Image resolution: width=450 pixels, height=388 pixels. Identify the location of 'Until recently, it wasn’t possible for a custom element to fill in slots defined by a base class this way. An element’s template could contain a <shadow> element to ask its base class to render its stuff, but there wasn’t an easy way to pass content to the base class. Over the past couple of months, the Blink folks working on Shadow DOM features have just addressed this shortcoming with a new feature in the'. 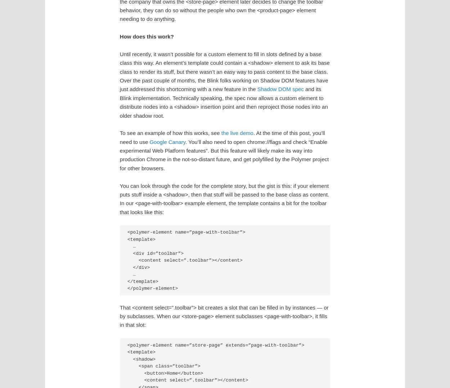
(224, 71).